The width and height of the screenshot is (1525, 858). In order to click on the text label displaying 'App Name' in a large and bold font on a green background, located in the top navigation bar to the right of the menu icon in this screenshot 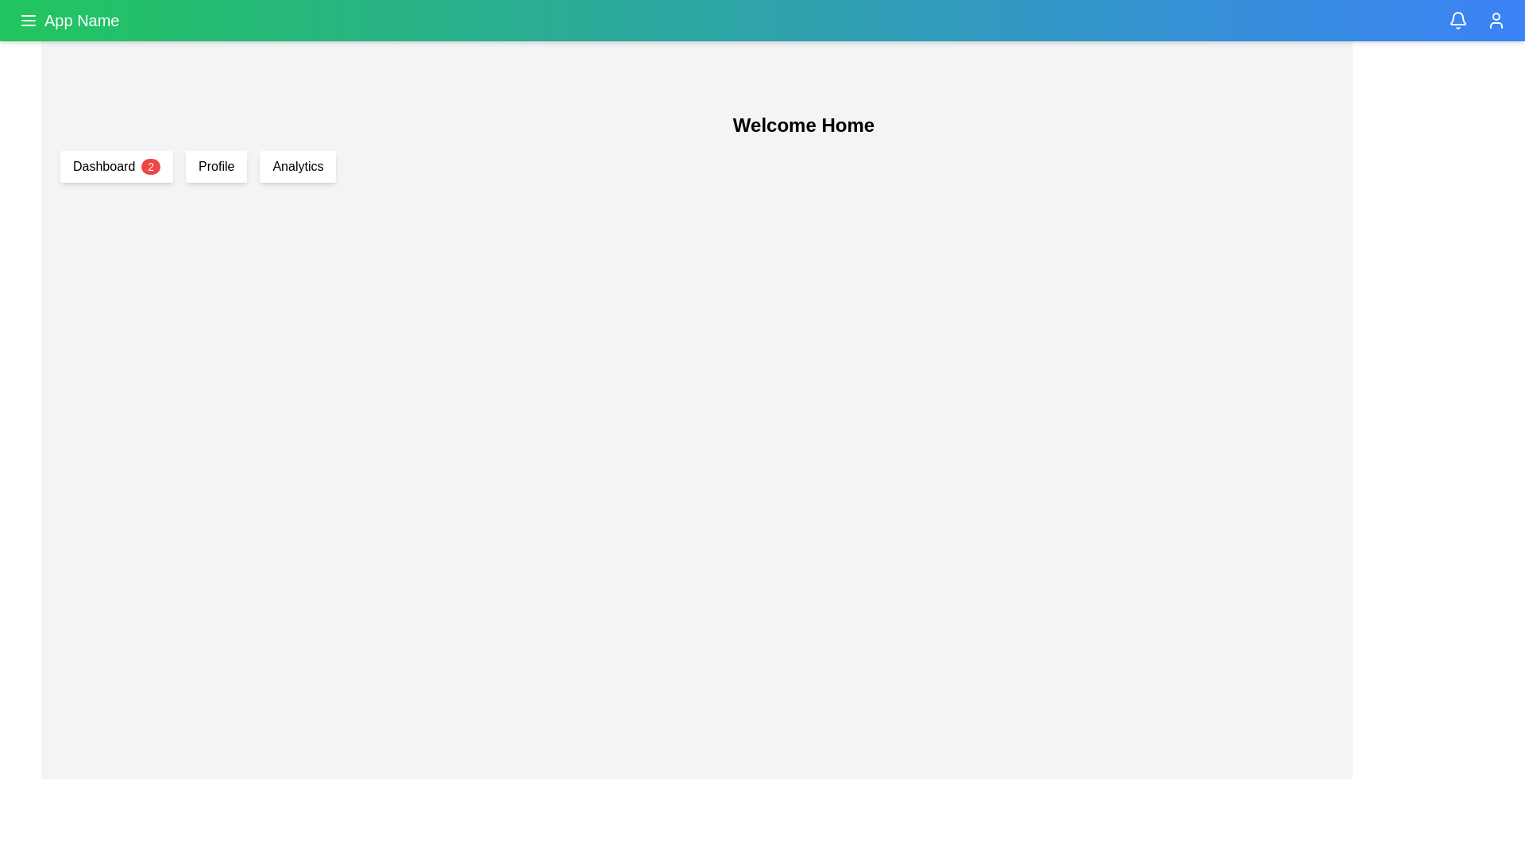, I will do `click(81, 21)`.